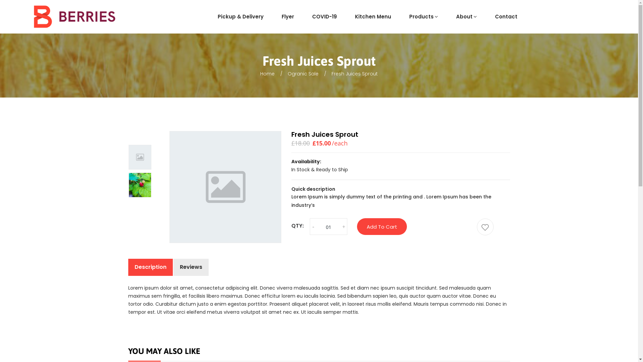 The width and height of the screenshot is (643, 362). Describe the element at coordinates (240, 16) in the screenshot. I see `'Pickup & Delivery'` at that location.